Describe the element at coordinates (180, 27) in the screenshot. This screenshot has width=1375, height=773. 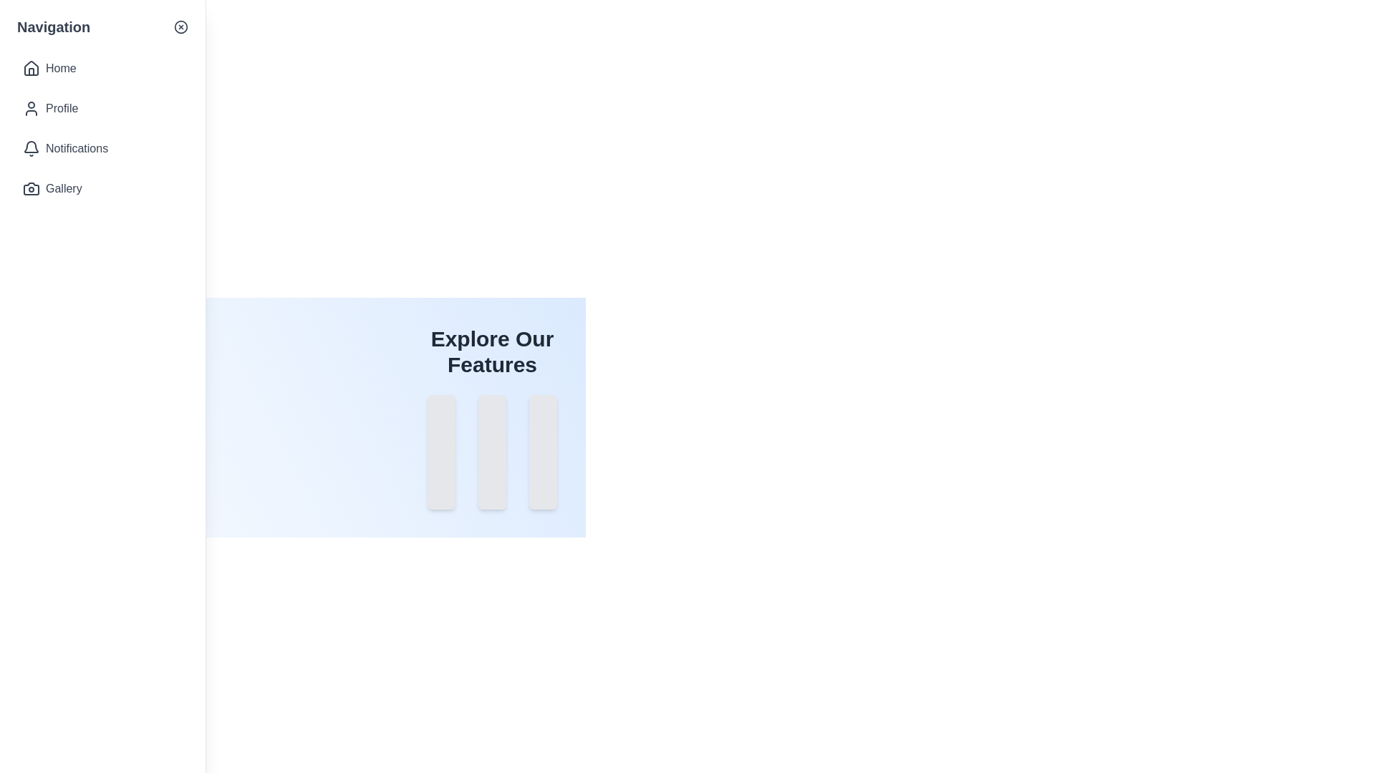
I see `the decorative SVG circle that represents the close or cancel functionality in the top right of the navigation sidebar` at that location.